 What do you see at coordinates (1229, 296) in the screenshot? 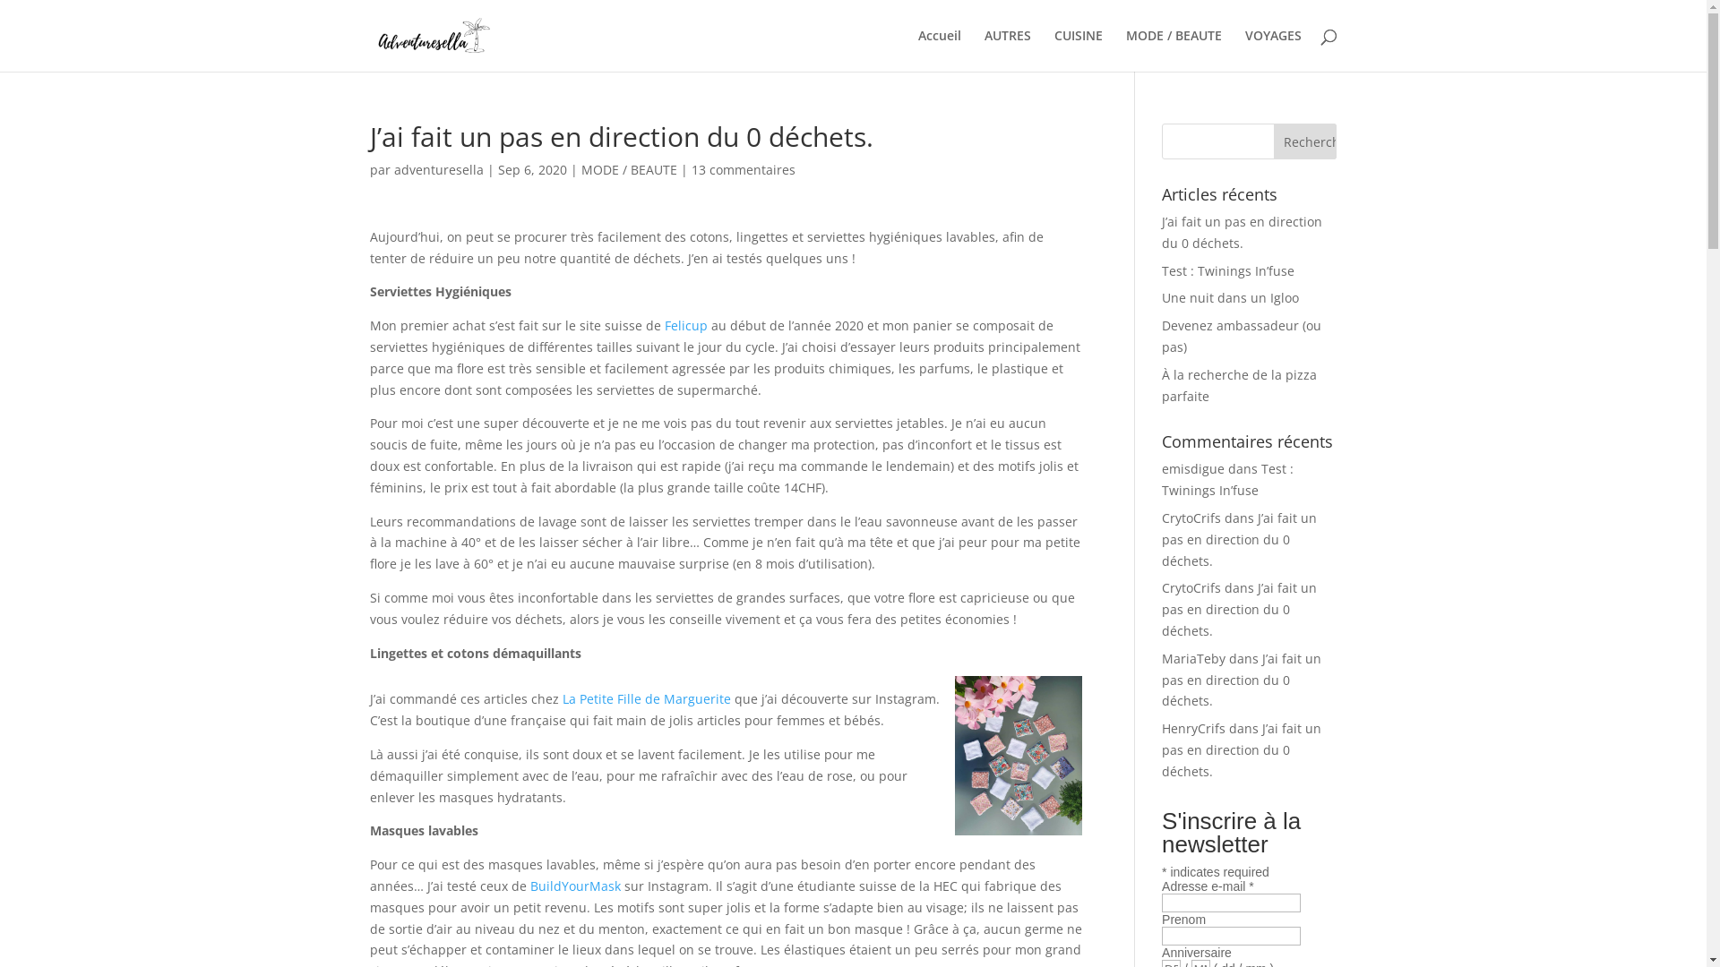
I see `'Une nuit dans un Igloo'` at bounding box center [1229, 296].